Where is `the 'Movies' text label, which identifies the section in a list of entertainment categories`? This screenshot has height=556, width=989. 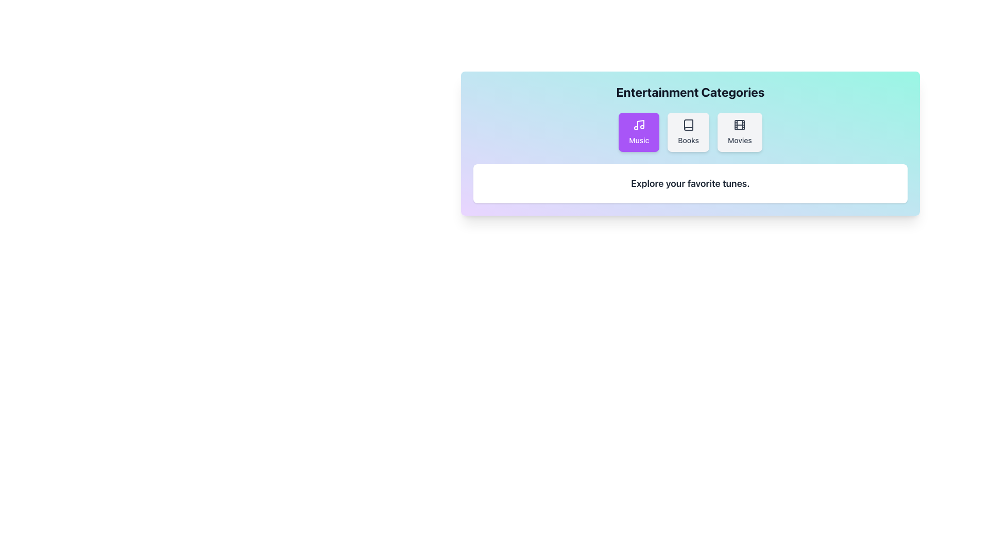 the 'Movies' text label, which identifies the section in a list of entertainment categories is located at coordinates (739, 141).